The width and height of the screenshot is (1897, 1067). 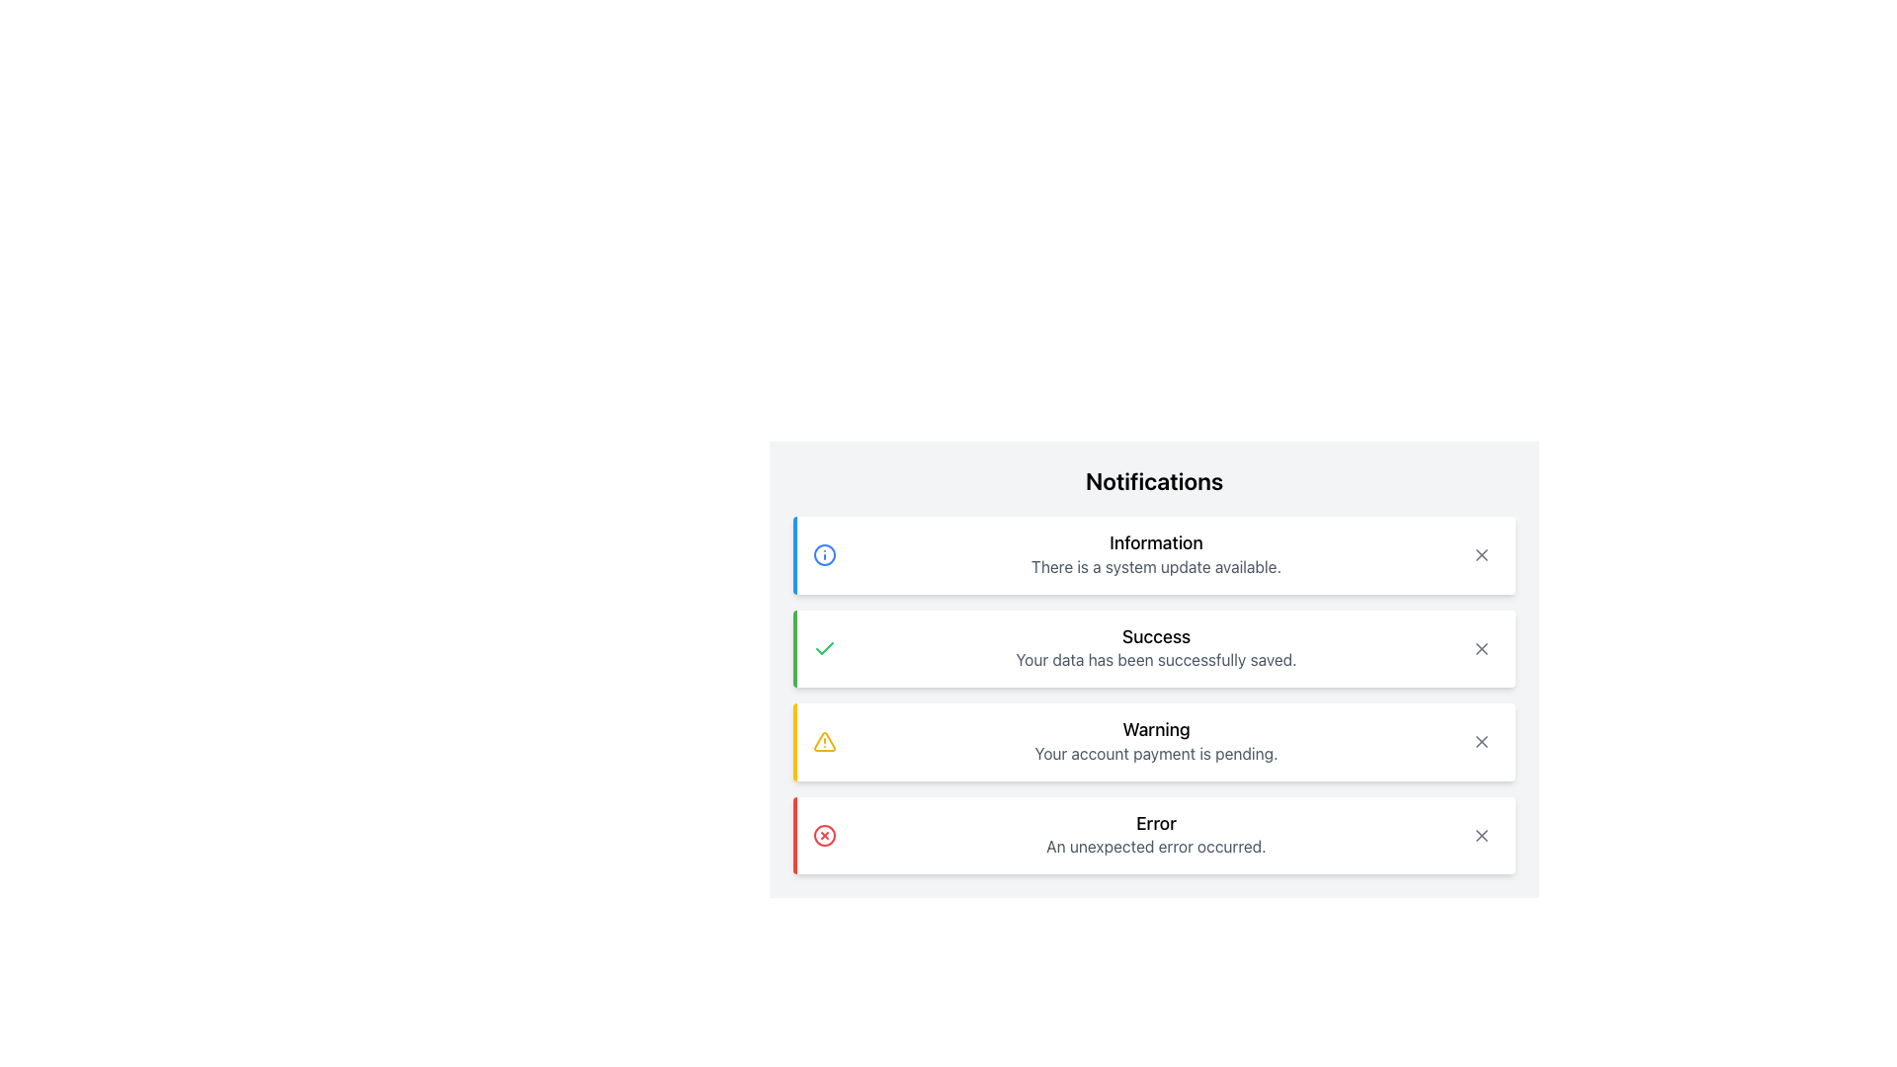 What do you see at coordinates (1154, 555) in the screenshot?
I see `information in the Notification card which has a light blue border on the left, contains the title 'Information' and a description about a system update` at bounding box center [1154, 555].